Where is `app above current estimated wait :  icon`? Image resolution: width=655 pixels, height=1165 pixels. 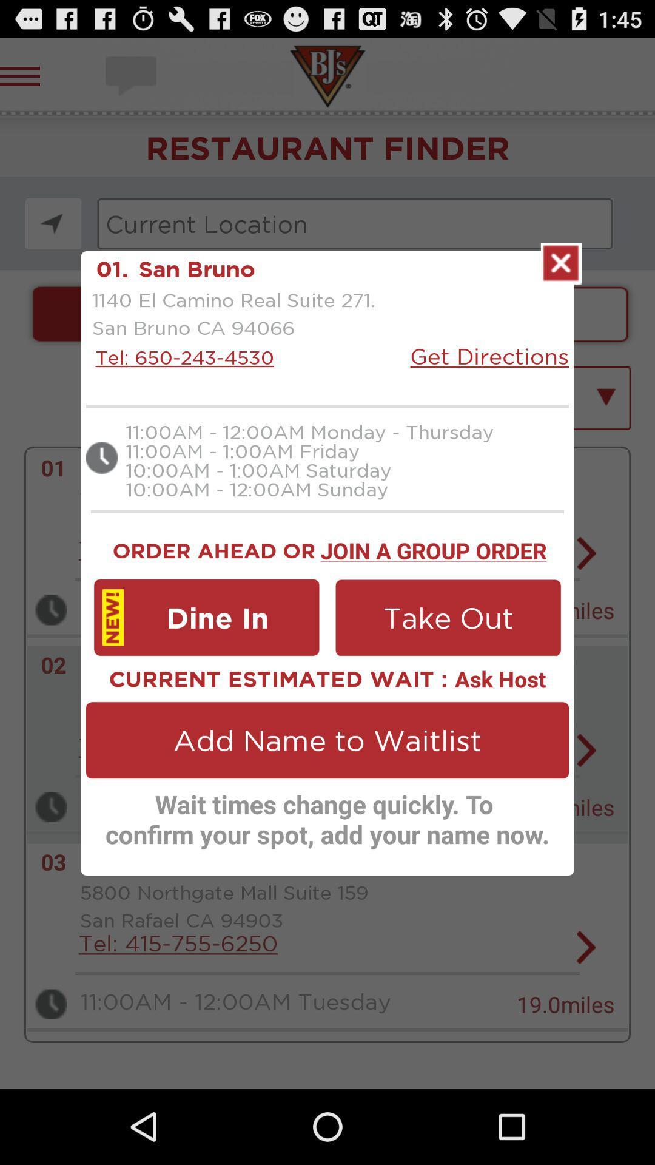
app above current estimated wait :  icon is located at coordinates (206, 617).